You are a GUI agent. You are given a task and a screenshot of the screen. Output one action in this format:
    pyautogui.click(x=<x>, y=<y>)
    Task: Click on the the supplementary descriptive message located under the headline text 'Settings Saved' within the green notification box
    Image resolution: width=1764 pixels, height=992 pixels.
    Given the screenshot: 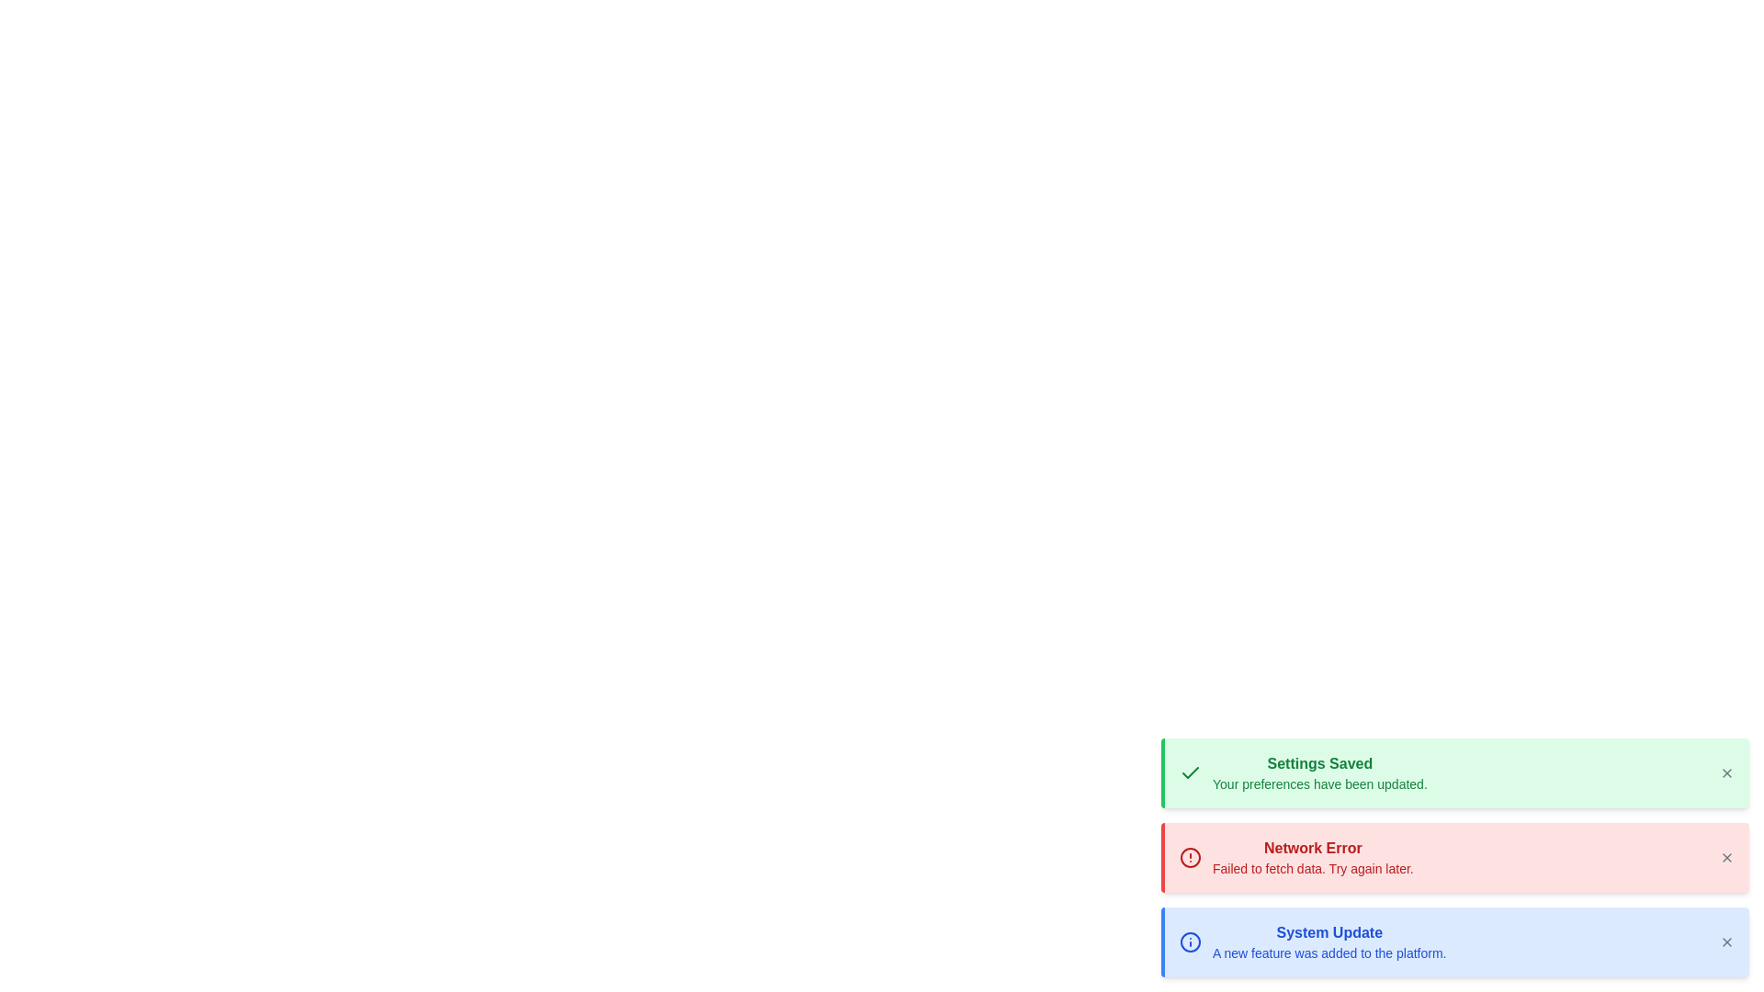 What is the action you would take?
    pyautogui.click(x=1318, y=783)
    